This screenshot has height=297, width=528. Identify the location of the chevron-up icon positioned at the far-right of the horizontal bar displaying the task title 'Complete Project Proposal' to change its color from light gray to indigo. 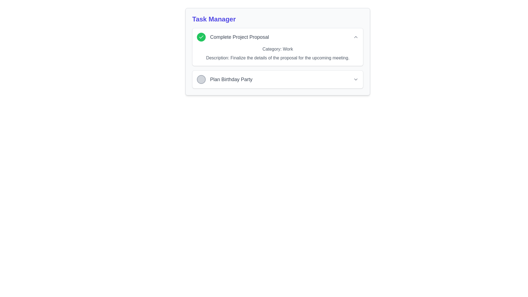
(356, 37).